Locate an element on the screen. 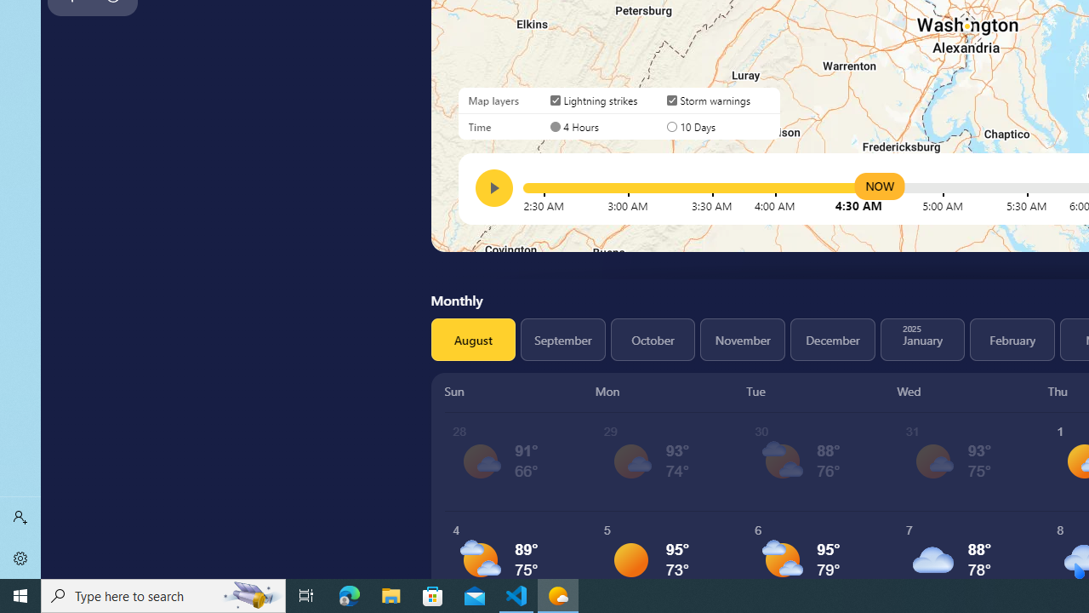  'Settings' is located at coordinates (20, 558).